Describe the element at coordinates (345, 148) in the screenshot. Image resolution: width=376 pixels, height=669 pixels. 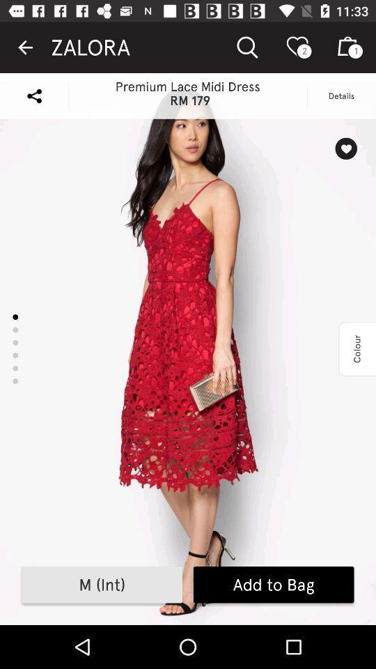
I see `wishlist icon` at that location.